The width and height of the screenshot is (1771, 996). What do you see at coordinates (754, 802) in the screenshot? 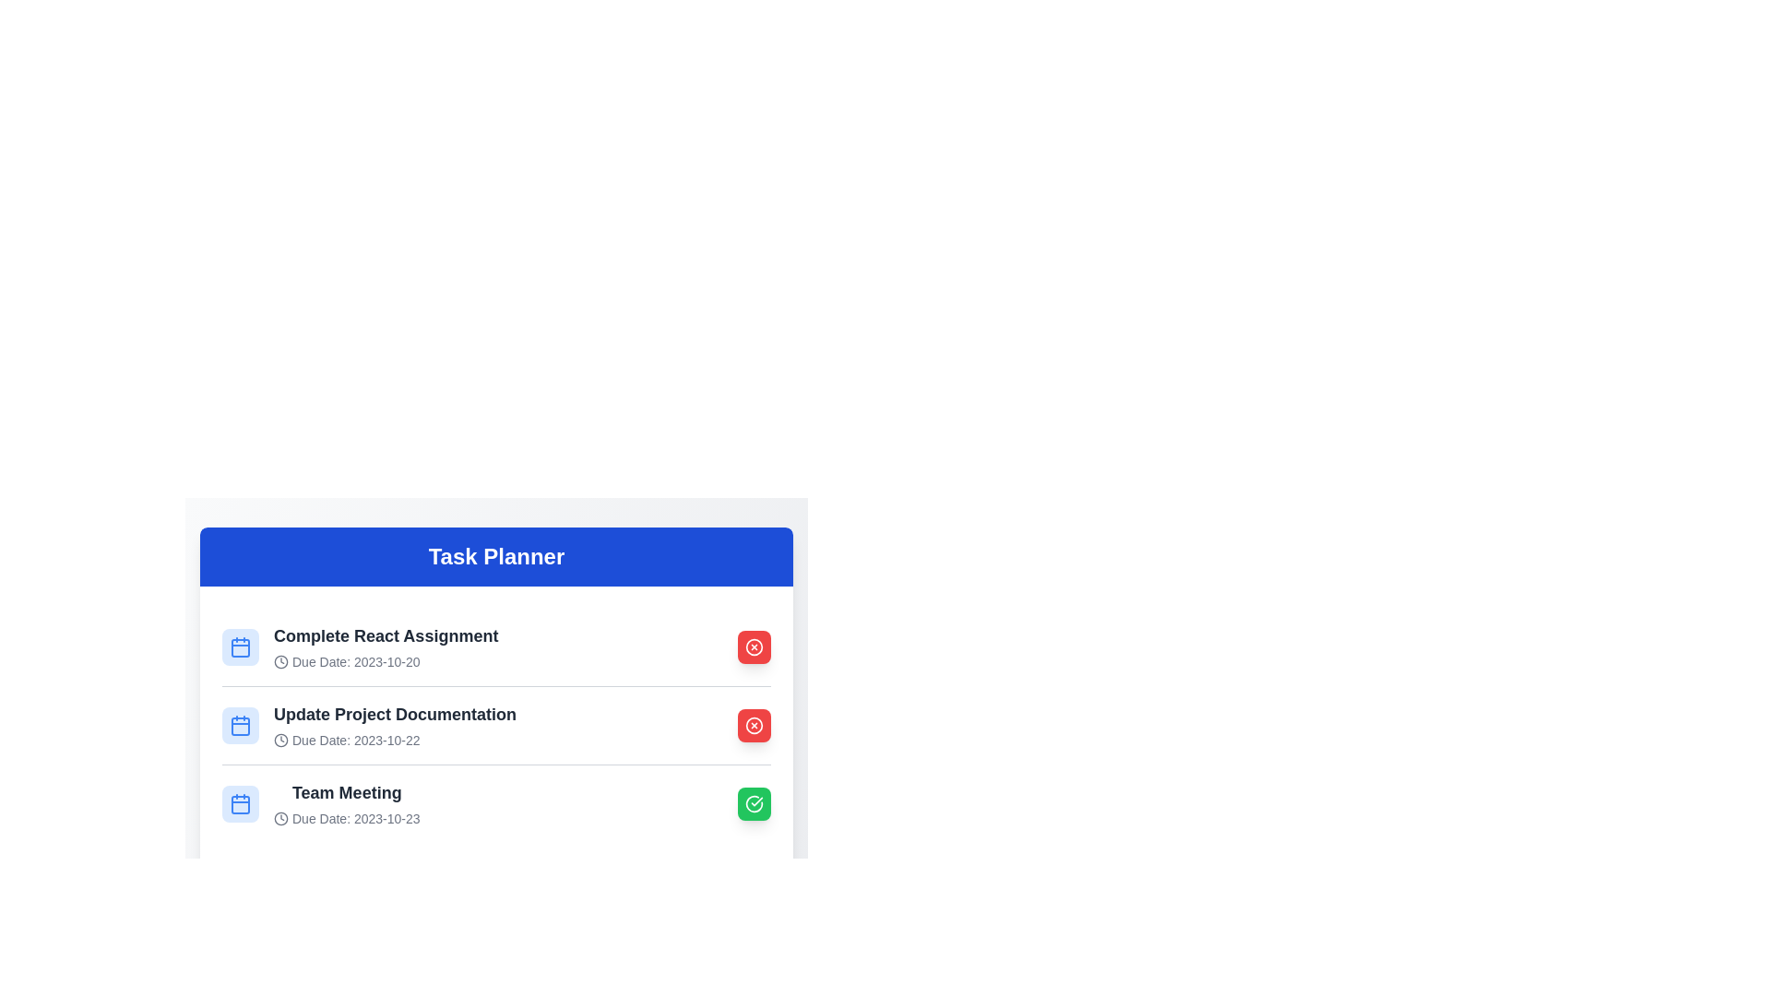
I see `the completion marker button located in the bottom-right corner of the 'Team Meeting' task details` at bounding box center [754, 802].